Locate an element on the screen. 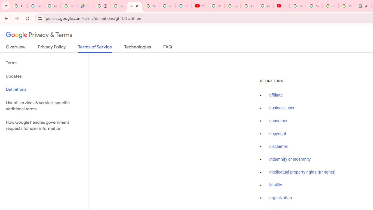  'disclaimer' is located at coordinates (278, 146).